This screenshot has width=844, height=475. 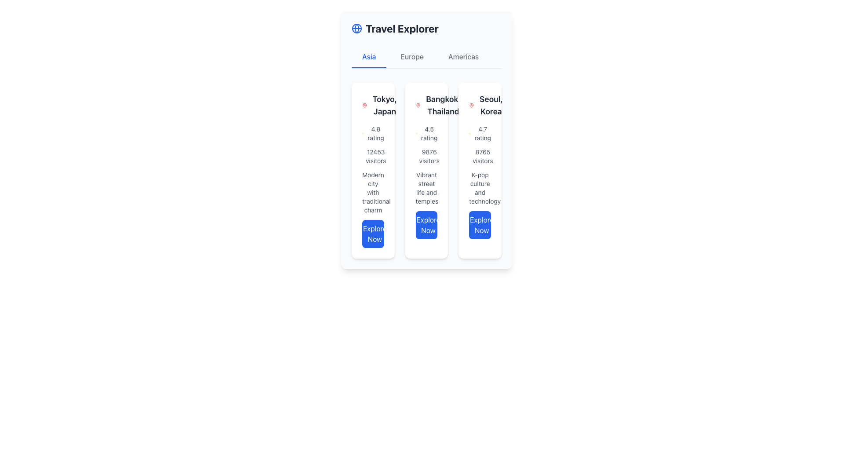 I want to click on the SVG circle graphic located centrally within the Travel Explorer interface, positioned above the Explore Now button for the Seoul, Korea section, so click(x=471, y=227).